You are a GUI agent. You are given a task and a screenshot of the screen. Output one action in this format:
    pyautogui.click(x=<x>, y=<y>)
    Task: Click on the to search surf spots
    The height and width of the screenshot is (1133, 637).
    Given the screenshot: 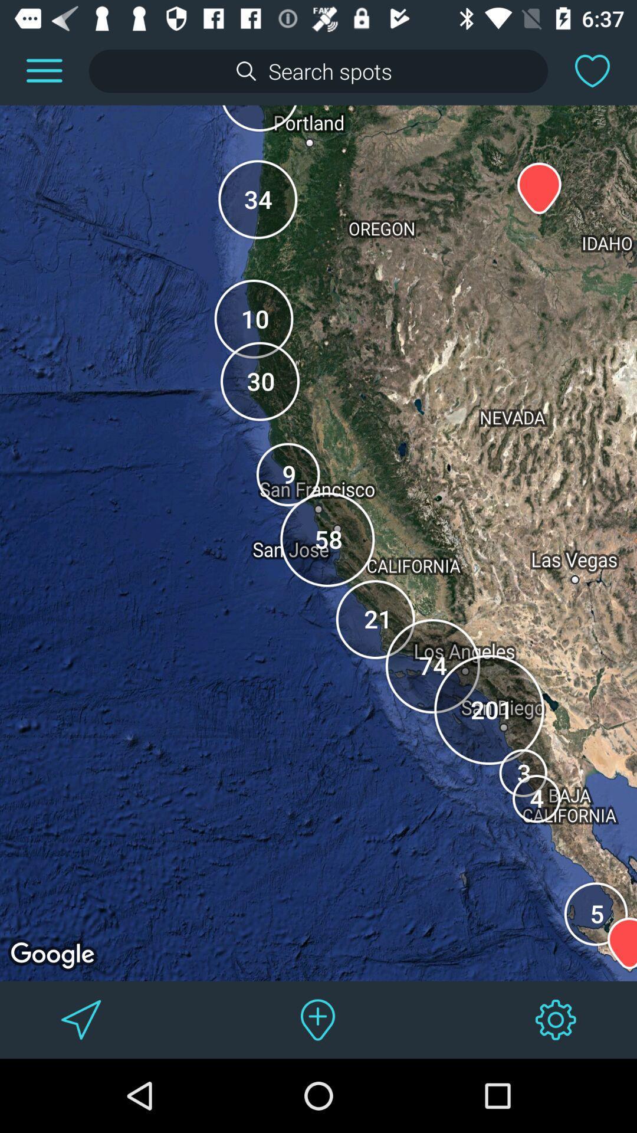 What is the action you would take?
    pyautogui.click(x=318, y=70)
    